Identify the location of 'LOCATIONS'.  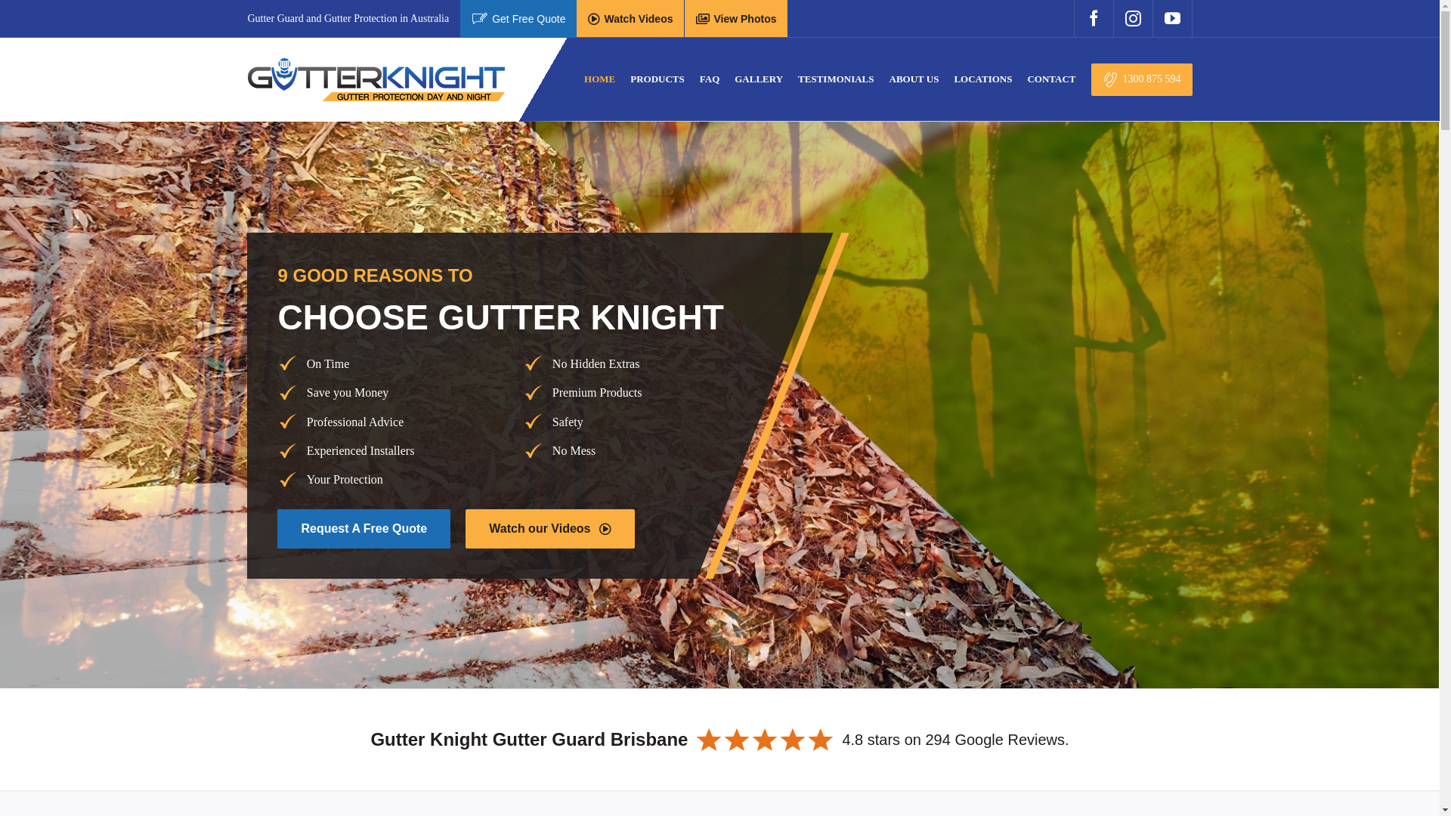
(982, 79).